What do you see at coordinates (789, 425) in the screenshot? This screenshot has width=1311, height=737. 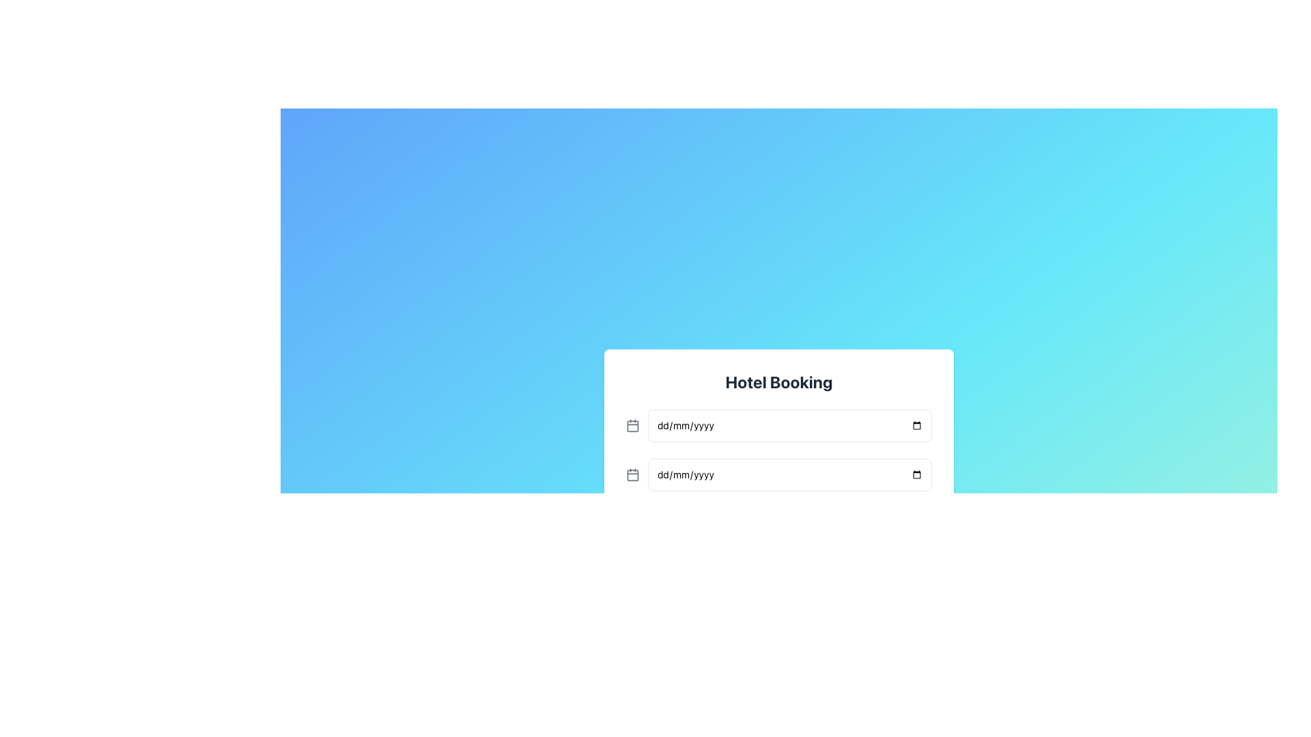 I see `the date input field marked by the placeholder 'dd/mm/yyyy' to focus on it` at bounding box center [789, 425].